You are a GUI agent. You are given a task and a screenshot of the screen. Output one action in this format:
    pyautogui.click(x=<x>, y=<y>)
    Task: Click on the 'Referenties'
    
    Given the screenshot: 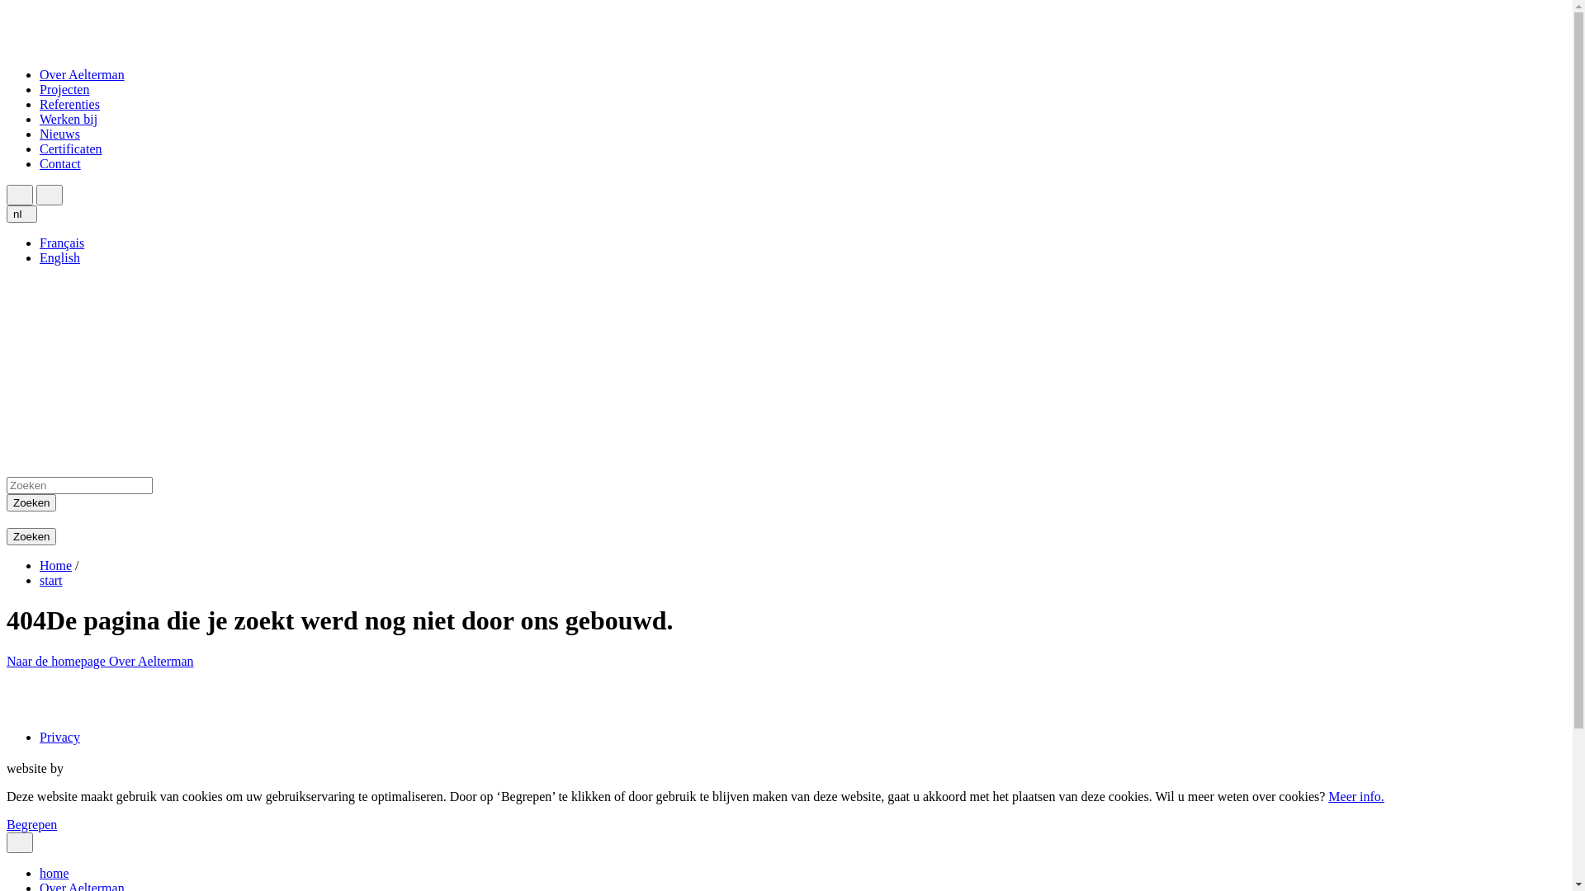 What is the action you would take?
    pyautogui.click(x=69, y=104)
    